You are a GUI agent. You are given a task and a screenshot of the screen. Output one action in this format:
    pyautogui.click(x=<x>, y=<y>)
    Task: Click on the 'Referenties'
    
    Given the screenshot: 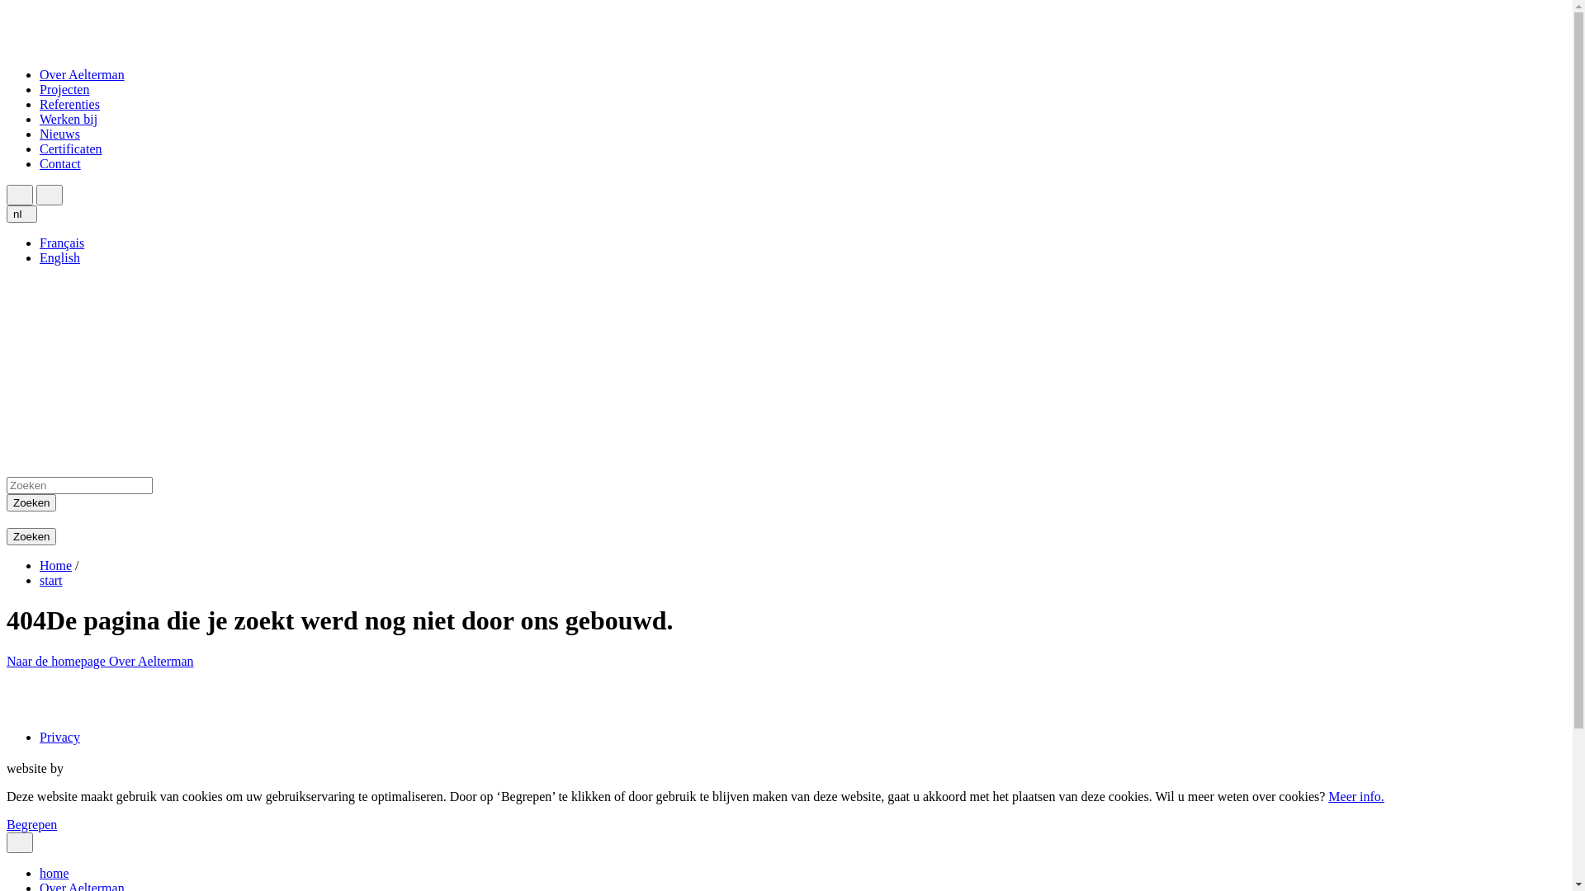 What is the action you would take?
    pyautogui.click(x=69, y=104)
    